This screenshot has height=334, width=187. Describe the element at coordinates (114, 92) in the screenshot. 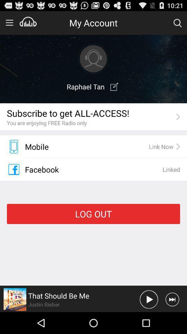

I see `the edit icon` at that location.